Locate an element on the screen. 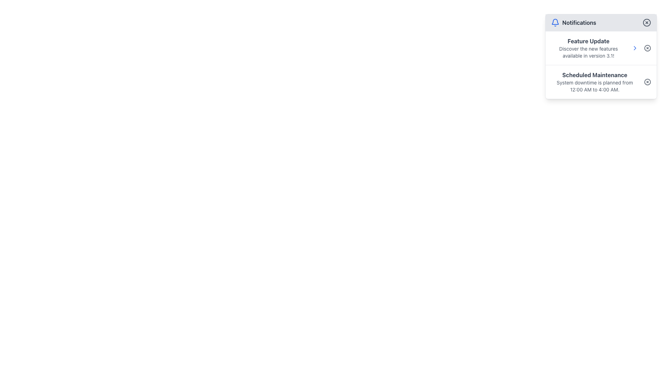 Image resolution: width=671 pixels, height=377 pixels. the circular decorative element that serves as a close or deletion icon located at the bottom right corner of a notification card is located at coordinates (647, 82).